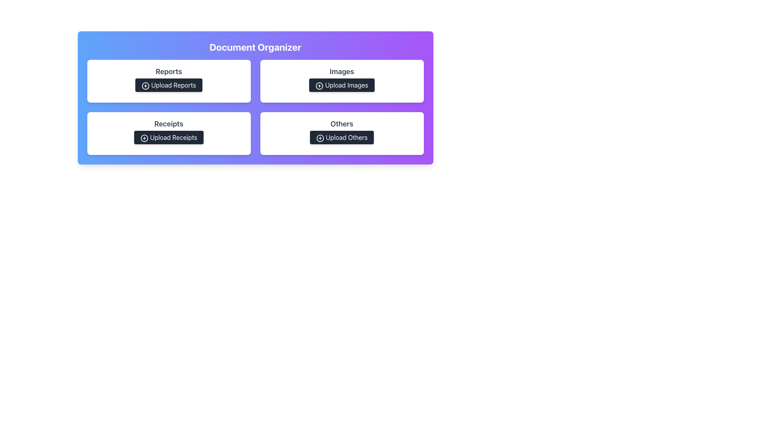 This screenshot has height=428, width=762. I want to click on the 'Upload Reports' button within the 'Reports' section of the 'Document Organizer' interface, so click(168, 85).